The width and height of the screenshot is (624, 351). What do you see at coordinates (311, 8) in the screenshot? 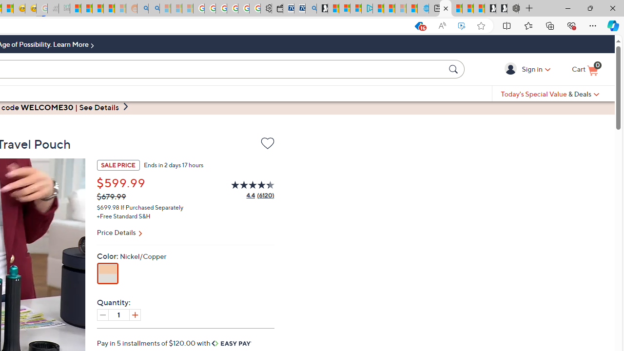
I see `'Bing Real Estate - Home sales and rental listings'` at bounding box center [311, 8].